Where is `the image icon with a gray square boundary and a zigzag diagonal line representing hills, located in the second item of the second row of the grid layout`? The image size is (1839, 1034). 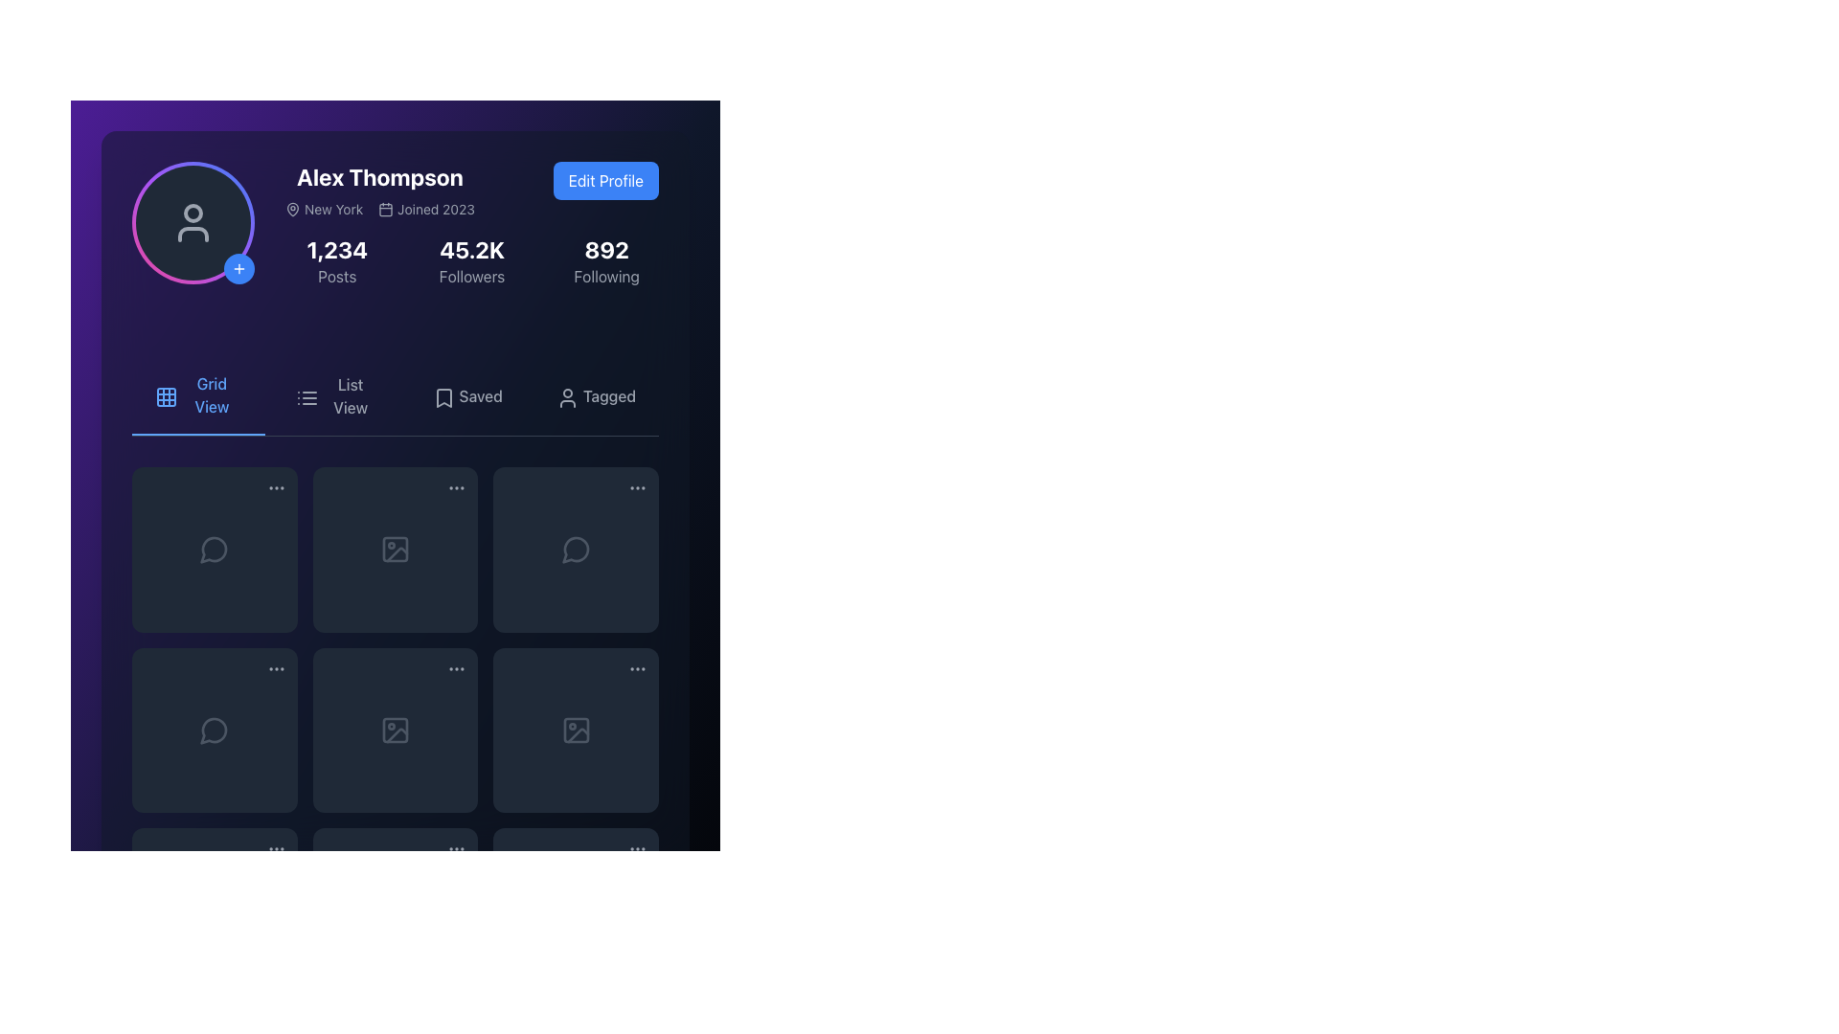 the image icon with a gray square boundary and a zigzag diagonal line representing hills, located in the second item of the second row of the grid layout is located at coordinates (394, 550).